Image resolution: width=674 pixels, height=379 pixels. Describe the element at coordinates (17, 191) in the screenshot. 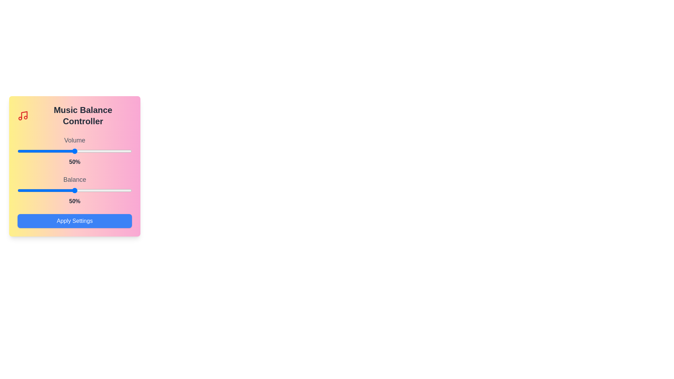

I see `the balance slider to 0%` at that location.